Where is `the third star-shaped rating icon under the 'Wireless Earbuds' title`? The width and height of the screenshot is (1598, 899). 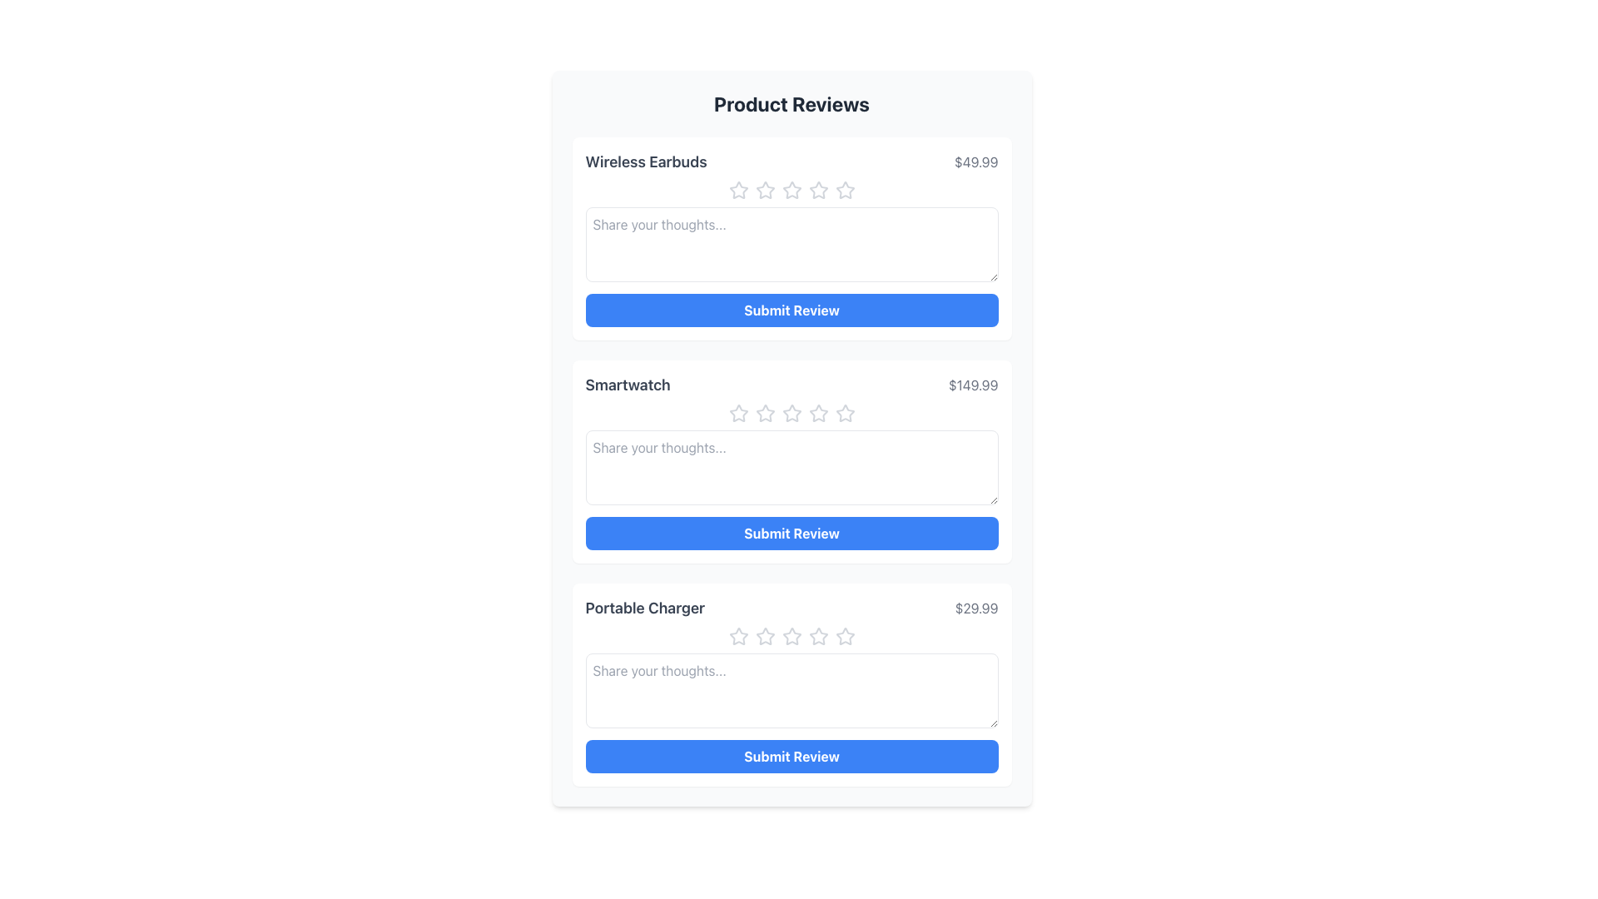
the third star-shaped rating icon under the 'Wireless Earbuds' title is located at coordinates (791, 189).